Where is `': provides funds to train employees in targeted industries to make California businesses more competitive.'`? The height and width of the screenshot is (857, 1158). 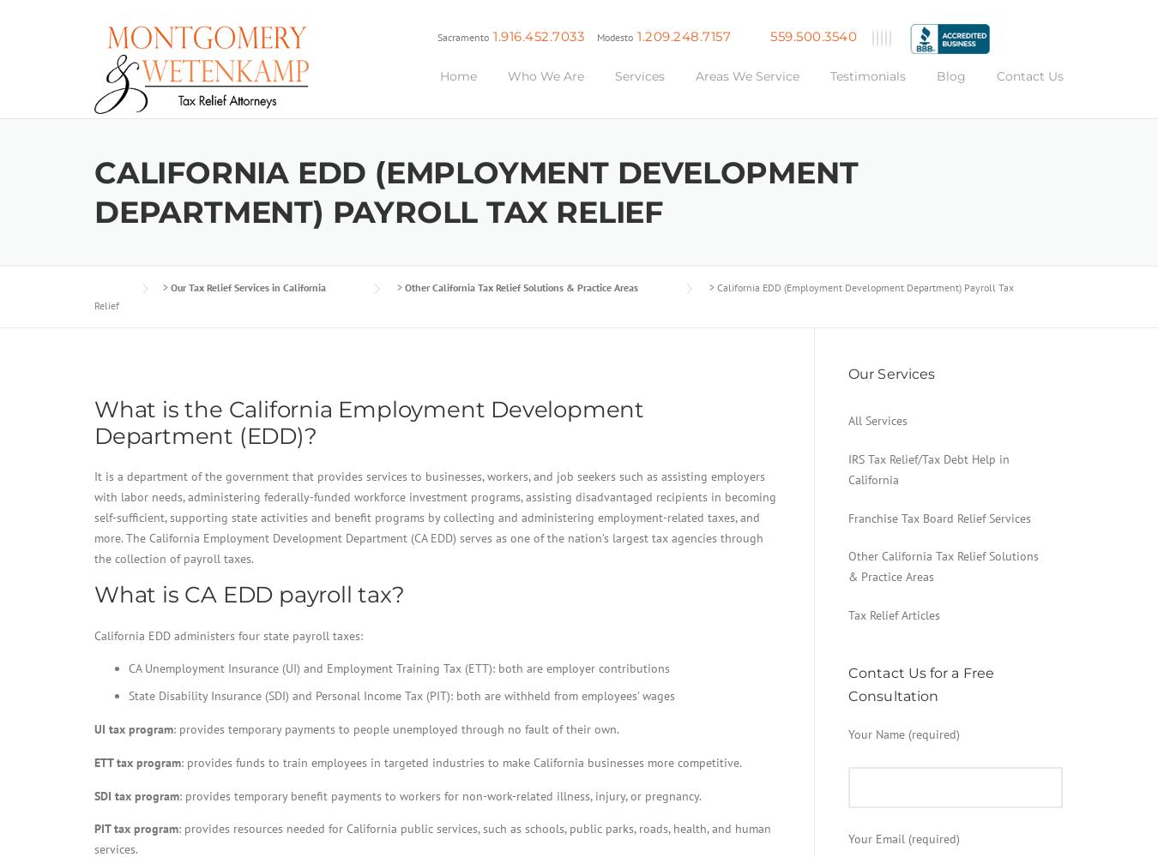
': provides funds to train employees in targeted industries to make California businesses more competitive.' is located at coordinates (460, 762).